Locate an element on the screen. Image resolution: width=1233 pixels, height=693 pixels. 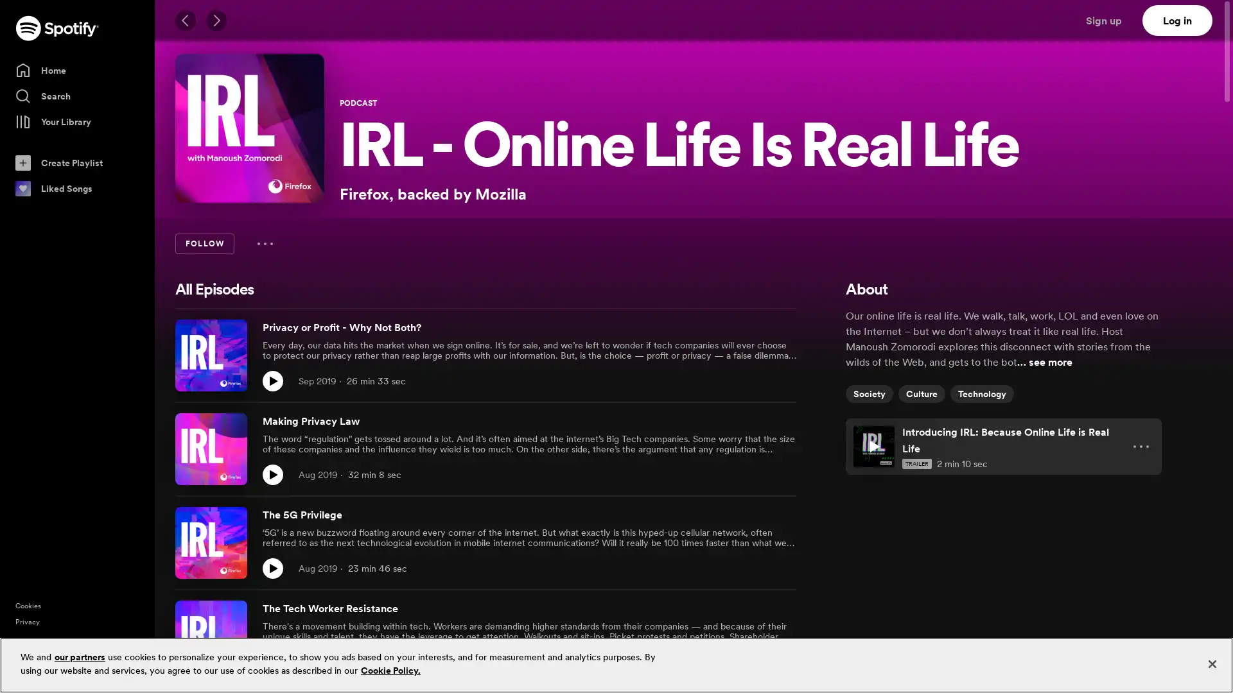
Share is located at coordinates (758, 381).